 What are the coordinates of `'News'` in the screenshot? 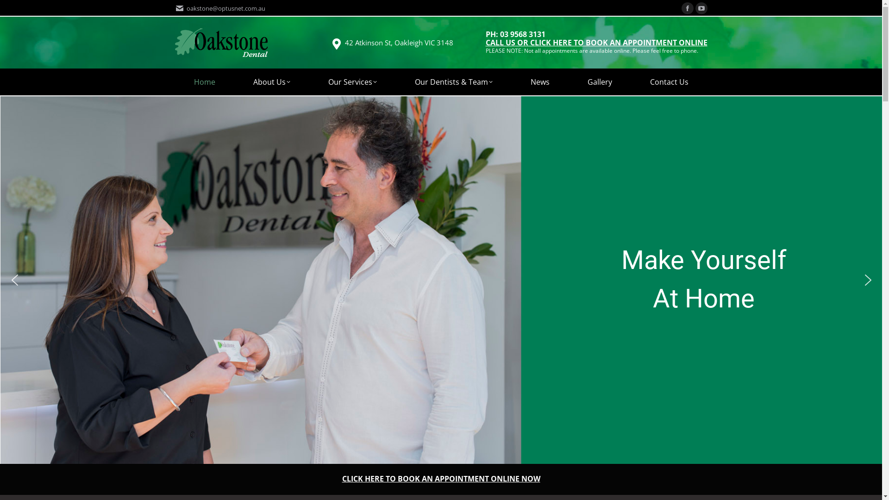 It's located at (539, 81).